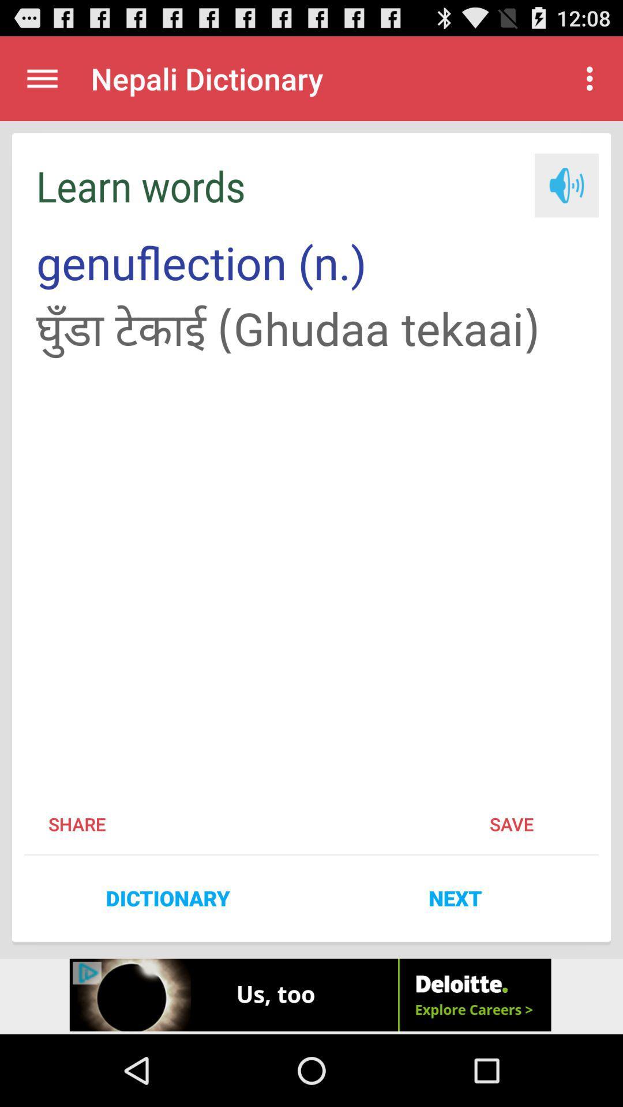 Image resolution: width=623 pixels, height=1107 pixels. Describe the element at coordinates (566, 185) in the screenshot. I see `volume` at that location.